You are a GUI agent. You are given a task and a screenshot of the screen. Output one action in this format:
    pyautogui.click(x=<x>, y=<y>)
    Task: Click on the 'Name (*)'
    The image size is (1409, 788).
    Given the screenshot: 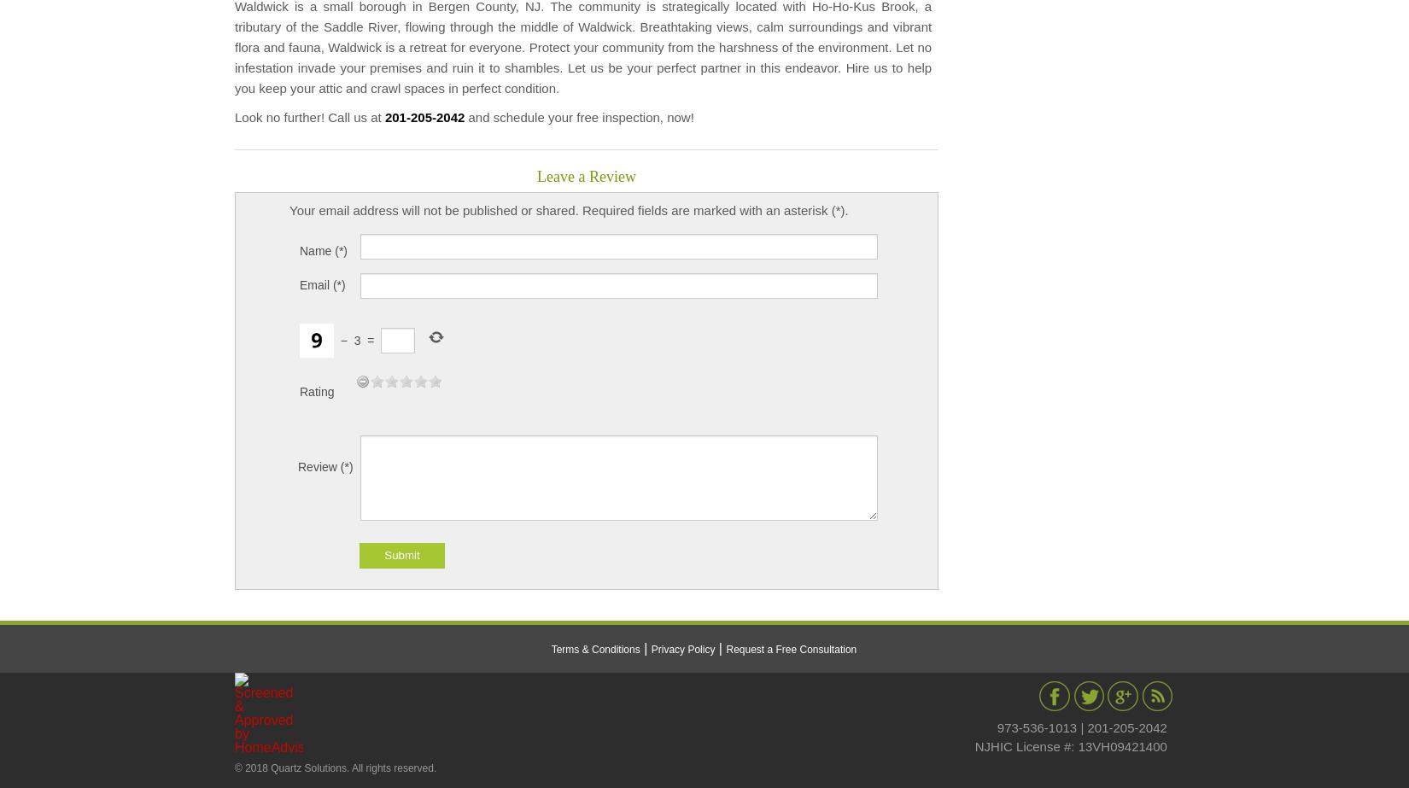 What is the action you would take?
    pyautogui.click(x=299, y=249)
    